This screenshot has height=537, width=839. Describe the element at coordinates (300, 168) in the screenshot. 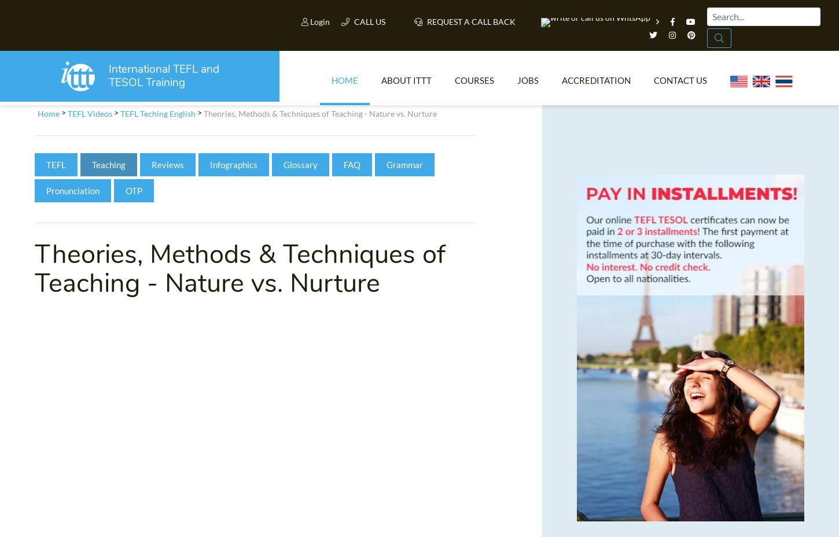

I see `'Glossary'` at that location.